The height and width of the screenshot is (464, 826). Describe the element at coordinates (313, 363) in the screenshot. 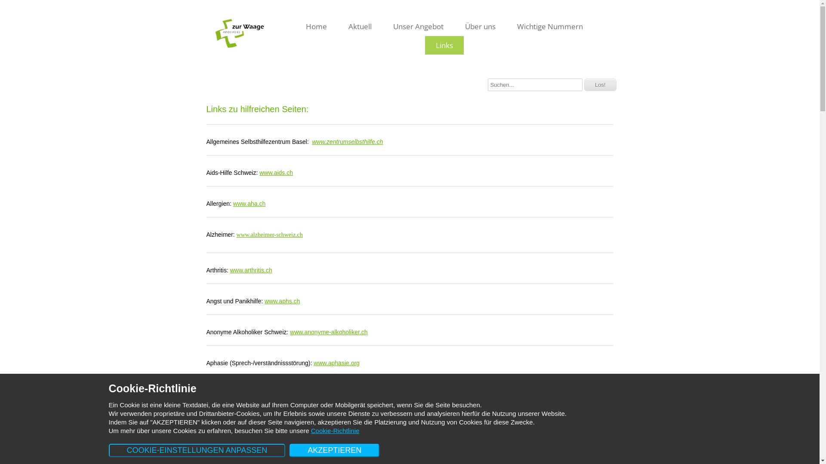

I see `'www.aphasie.org'` at that location.